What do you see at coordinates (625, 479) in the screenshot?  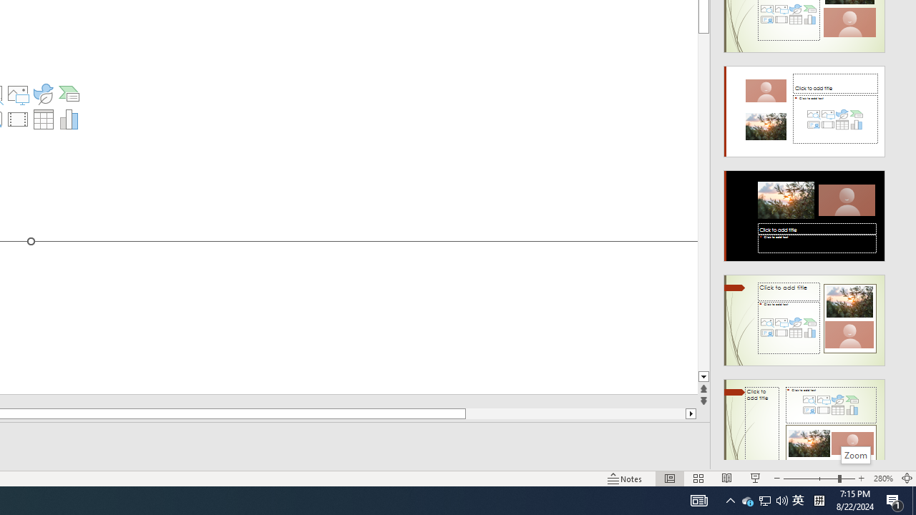 I see `'Notes '` at bounding box center [625, 479].